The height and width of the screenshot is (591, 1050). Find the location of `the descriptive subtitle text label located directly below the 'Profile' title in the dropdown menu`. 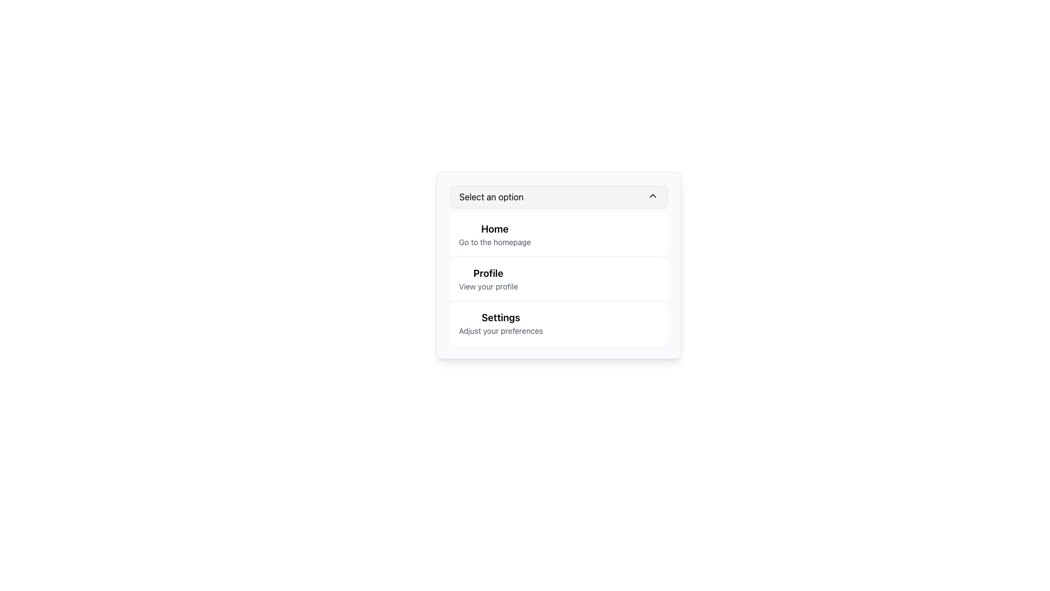

the descriptive subtitle text label located directly below the 'Profile' title in the dropdown menu is located at coordinates (488, 286).